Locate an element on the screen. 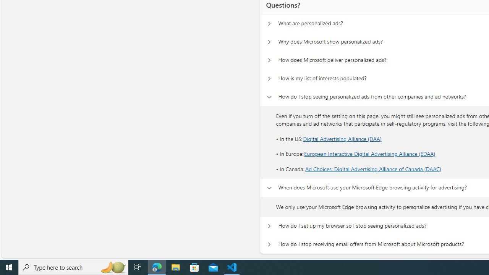  'European Interactive Digital Advertising Alliance (EDAA)' is located at coordinates (370, 154).